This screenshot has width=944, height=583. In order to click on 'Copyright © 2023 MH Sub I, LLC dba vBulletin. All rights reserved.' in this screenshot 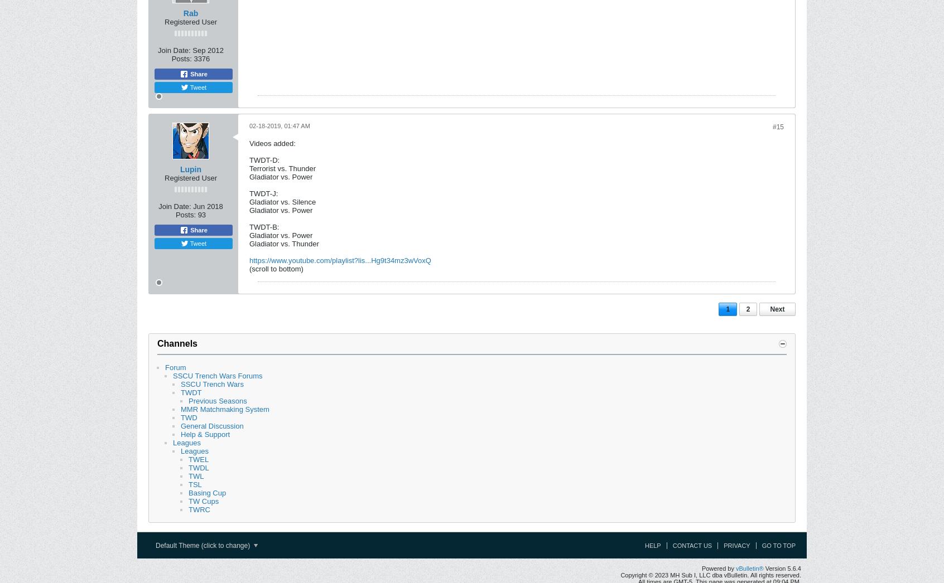, I will do `click(710, 575)`.